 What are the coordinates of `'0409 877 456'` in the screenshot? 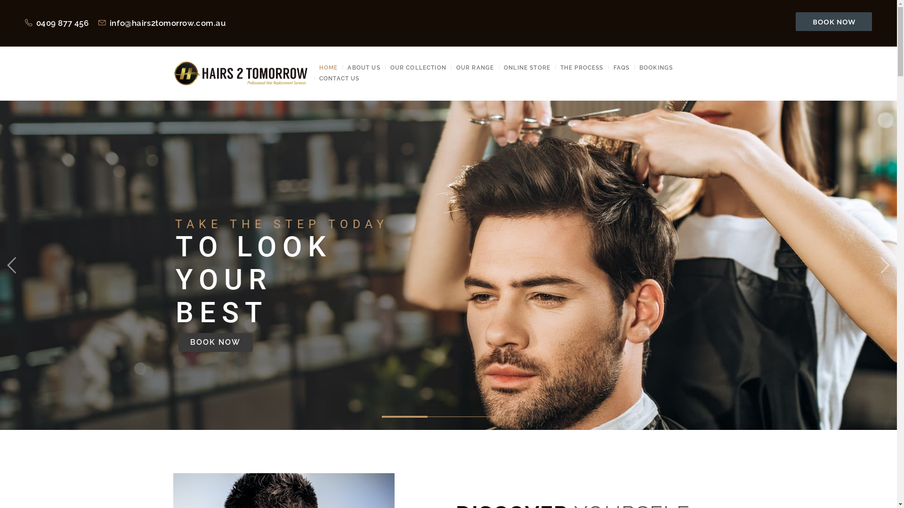 It's located at (56, 23).